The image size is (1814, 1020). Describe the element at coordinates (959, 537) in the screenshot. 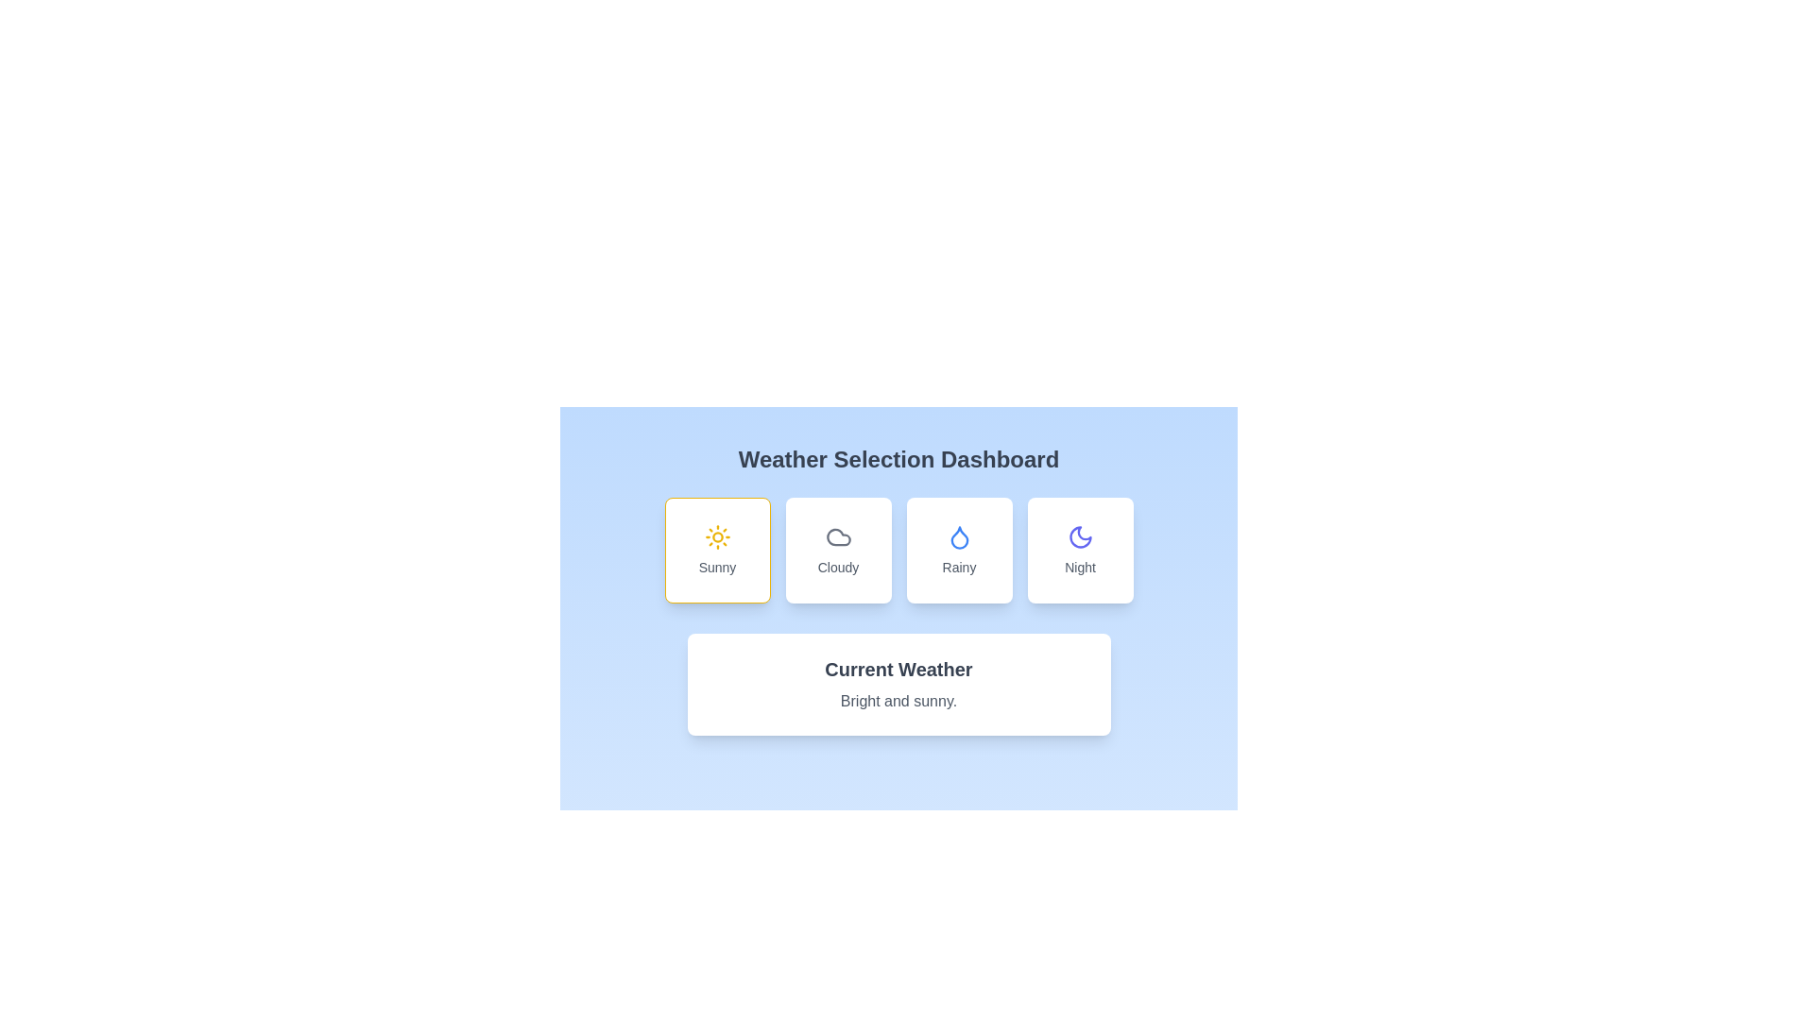

I see `the droplet icon representing the 'Rainy' button in the weather selection interface` at that location.